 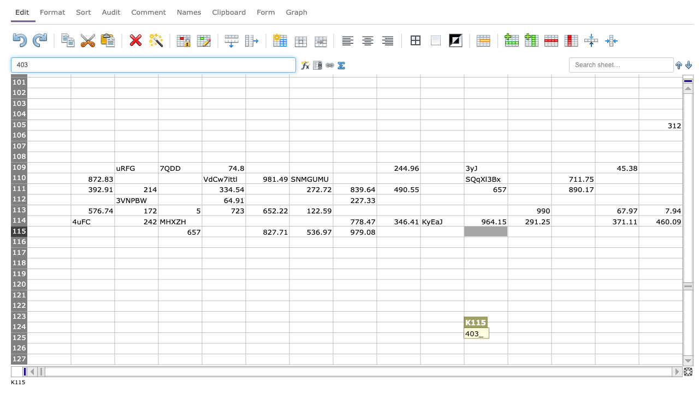 What do you see at coordinates (572, 337) in the screenshot?
I see `Activate cell M125` at bounding box center [572, 337].